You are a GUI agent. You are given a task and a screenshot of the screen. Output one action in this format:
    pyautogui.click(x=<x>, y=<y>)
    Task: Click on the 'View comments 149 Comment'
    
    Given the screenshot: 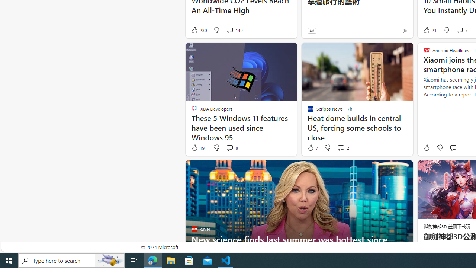 What is the action you would take?
    pyautogui.click(x=229, y=30)
    